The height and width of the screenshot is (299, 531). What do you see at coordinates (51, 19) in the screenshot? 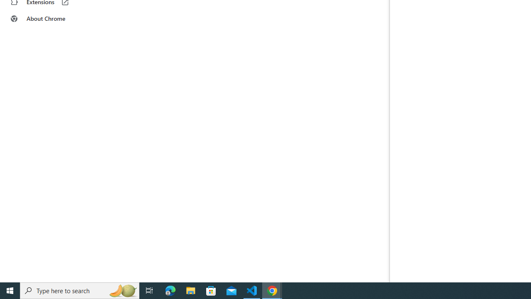
I see `'About Chrome'` at bounding box center [51, 19].